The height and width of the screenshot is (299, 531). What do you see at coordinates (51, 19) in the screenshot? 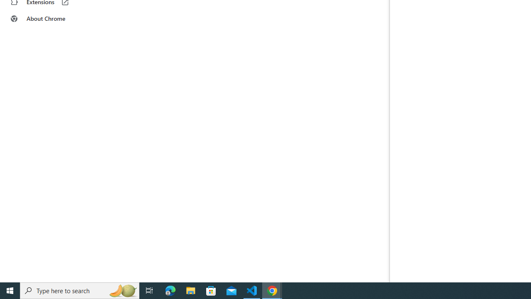
I see `'About Chrome'` at bounding box center [51, 19].